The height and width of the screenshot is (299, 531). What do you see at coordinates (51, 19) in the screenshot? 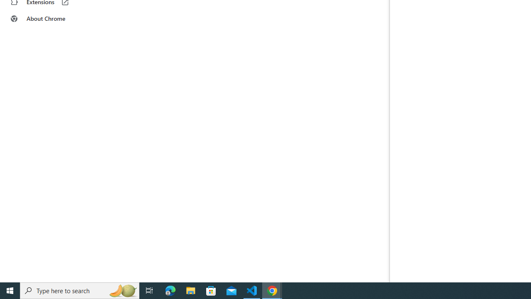
I see `'About Chrome'` at bounding box center [51, 19].